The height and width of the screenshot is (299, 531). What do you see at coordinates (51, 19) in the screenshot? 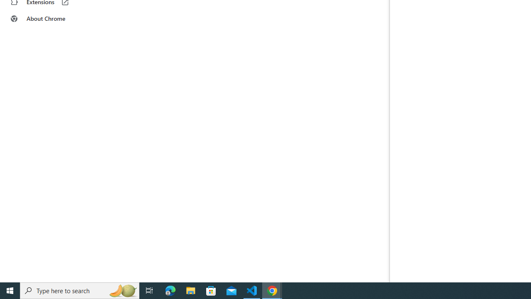
I see `'About Chrome'` at bounding box center [51, 19].